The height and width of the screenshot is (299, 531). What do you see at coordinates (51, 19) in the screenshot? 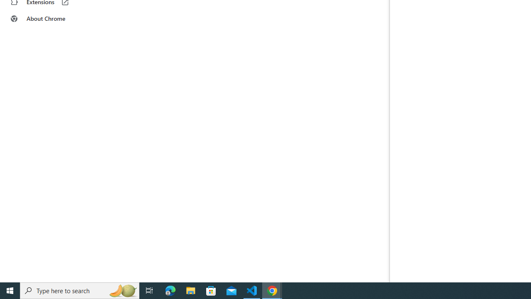
I see `'About Chrome'` at bounding box center [51, 19].